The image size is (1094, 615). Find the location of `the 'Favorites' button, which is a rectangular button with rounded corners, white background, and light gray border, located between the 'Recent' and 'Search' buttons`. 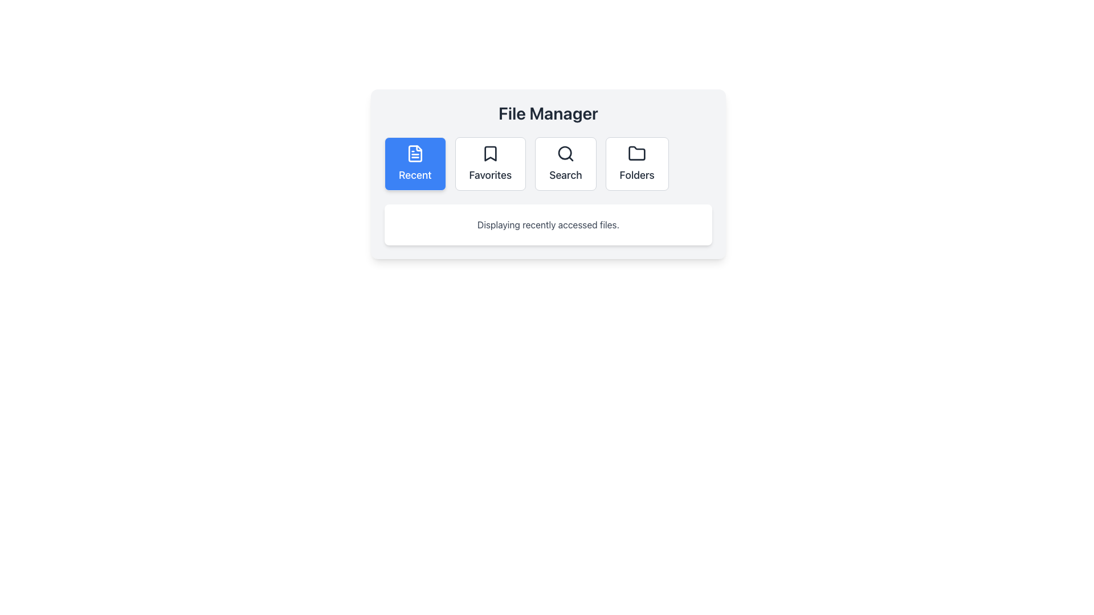

the 'Favorites' button, which is a rectangular button with rounded corners, white background, and light gray border, located between the 'Recent' and 'Search' buttons is located at coordinates (490, 164).